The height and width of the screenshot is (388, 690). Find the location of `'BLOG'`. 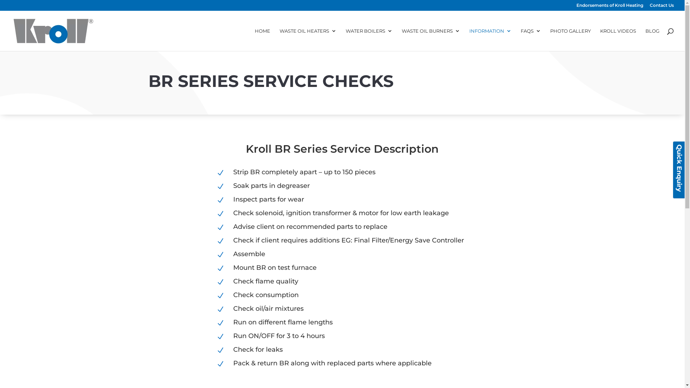

'BLOG' is located at coordinates (652, 40).